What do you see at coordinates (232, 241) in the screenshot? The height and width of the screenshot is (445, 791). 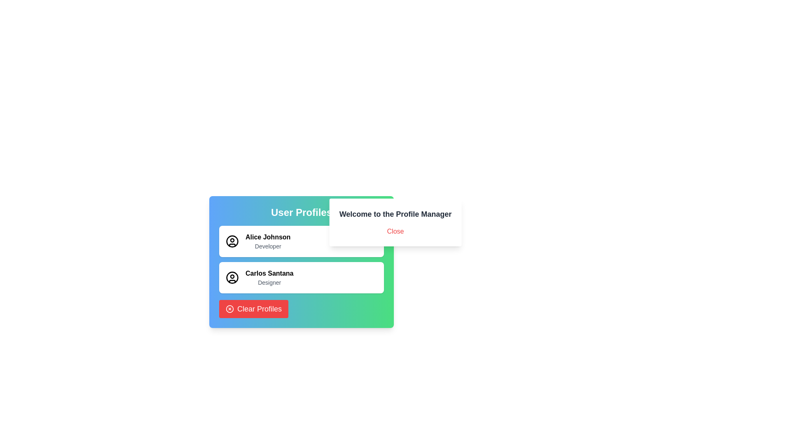 I see `the outermost circular outline of the avatar placeholder icon next to 'Carlos Santana'` at bounding box center [232, 241].